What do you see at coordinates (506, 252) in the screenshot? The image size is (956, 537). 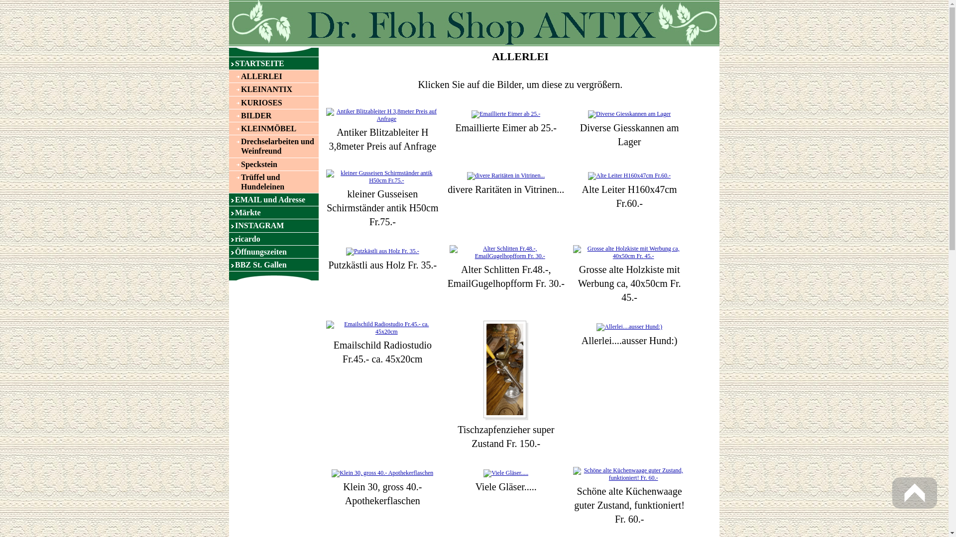 I see `'Alter Schlitten Fr.48.-, EmailGugelhopfform Fr. 30.-'` at bounding box center [506, 252].